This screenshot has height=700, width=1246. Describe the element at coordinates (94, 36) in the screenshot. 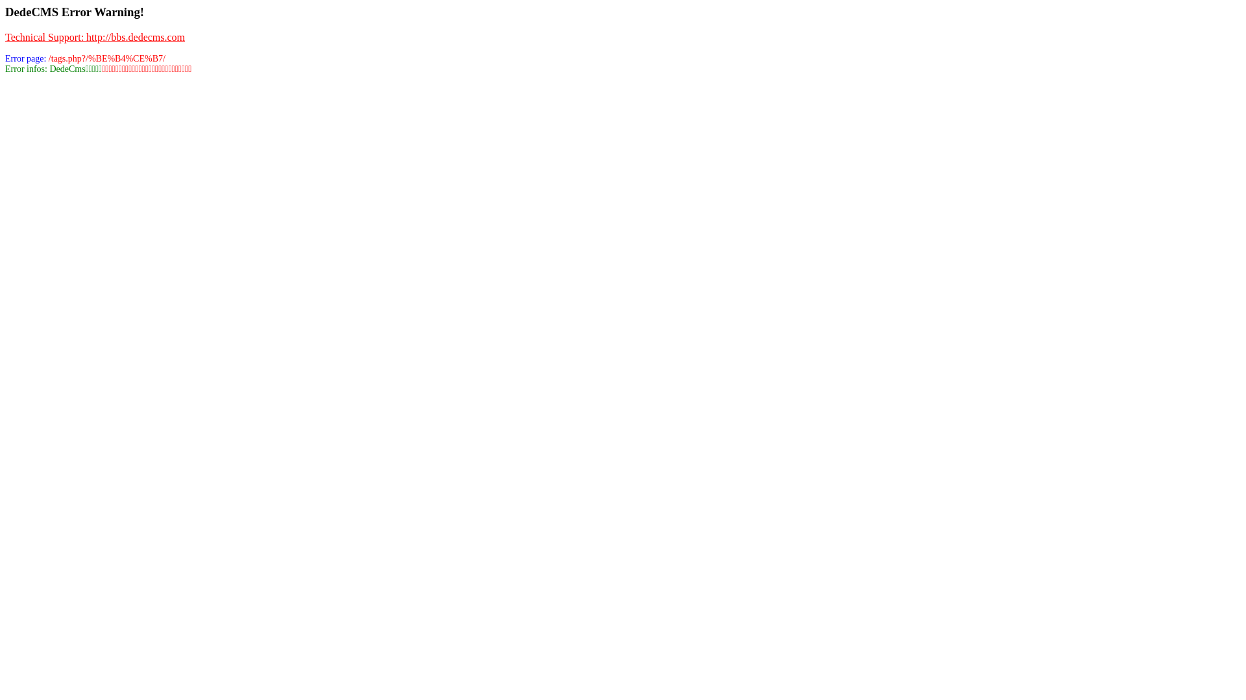

I see `'Technical Support: http://bbs.dedecms.com'` at that location.